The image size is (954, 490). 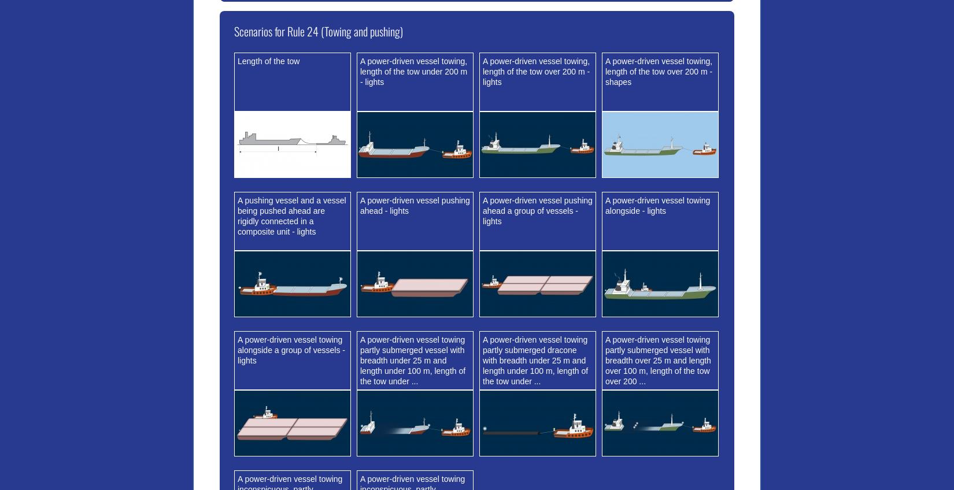 What do you see at coordinates (658, 360) in the screenshot?
I see `'A power-driven vessel towing partly submerged vessel with breadth over 25 m and length over 100 m, length of the tow over 200 ...'` at bounding box center [658, 360].